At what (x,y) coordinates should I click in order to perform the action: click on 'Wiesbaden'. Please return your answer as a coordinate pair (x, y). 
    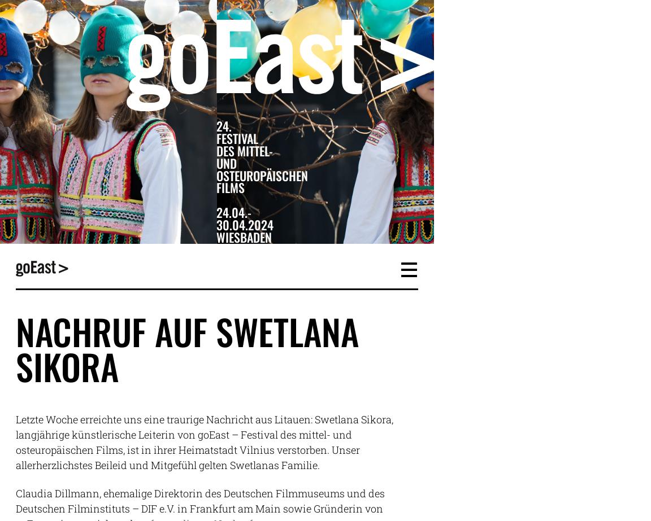
    Looking at the image, I should click on (244, 237).